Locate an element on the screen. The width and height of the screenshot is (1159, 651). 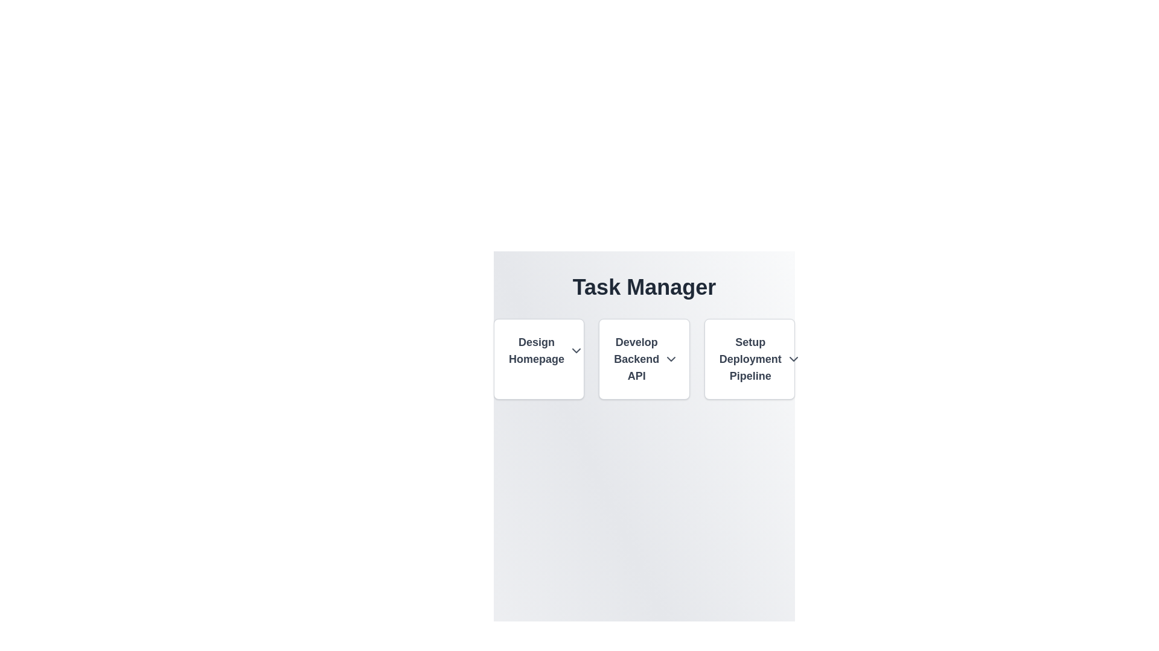
text content of the Text Label that is positioned within the card following the 'Develop Backend API' card, which labels the card it resides in is located at coordinates (750, 359).